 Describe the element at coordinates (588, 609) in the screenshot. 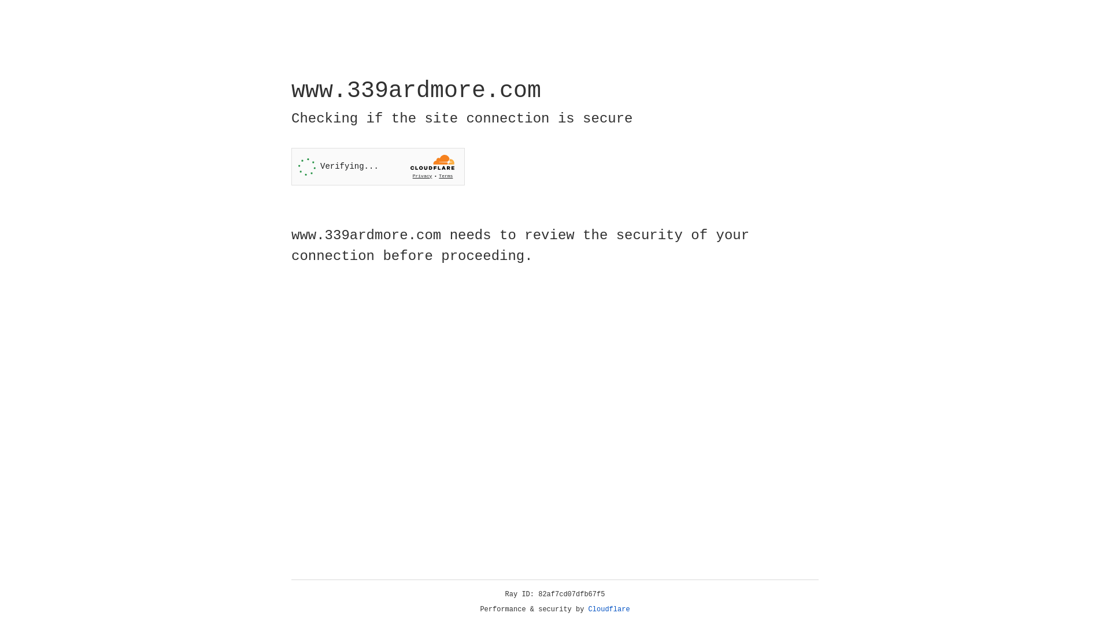

I see `'Cloudflare'` at that location.